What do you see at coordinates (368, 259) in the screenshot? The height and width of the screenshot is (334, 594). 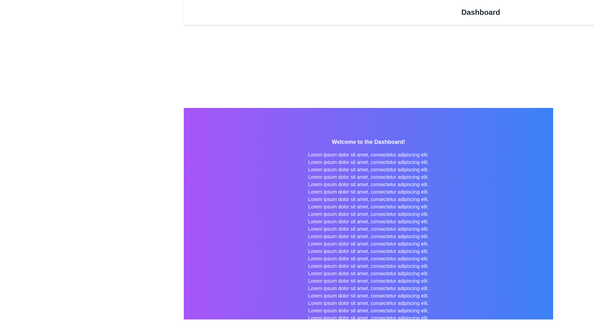 I see `the text element displaying 'Lorem ipsum dolor sit amet, consectetur adipiscing elit.' which is the 16th item in a vertically aligned list below the title 'Welcome to the Dashboard!'` at bounding box center [368, 259].